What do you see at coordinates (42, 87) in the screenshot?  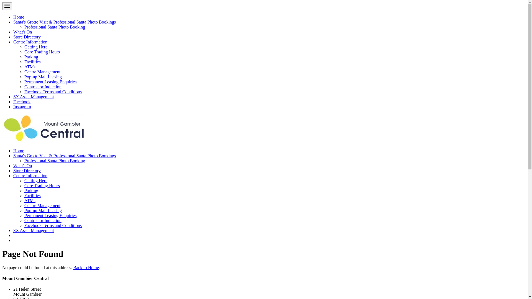 I see `'Contractor Induction'` at bounding box center [42, 87].